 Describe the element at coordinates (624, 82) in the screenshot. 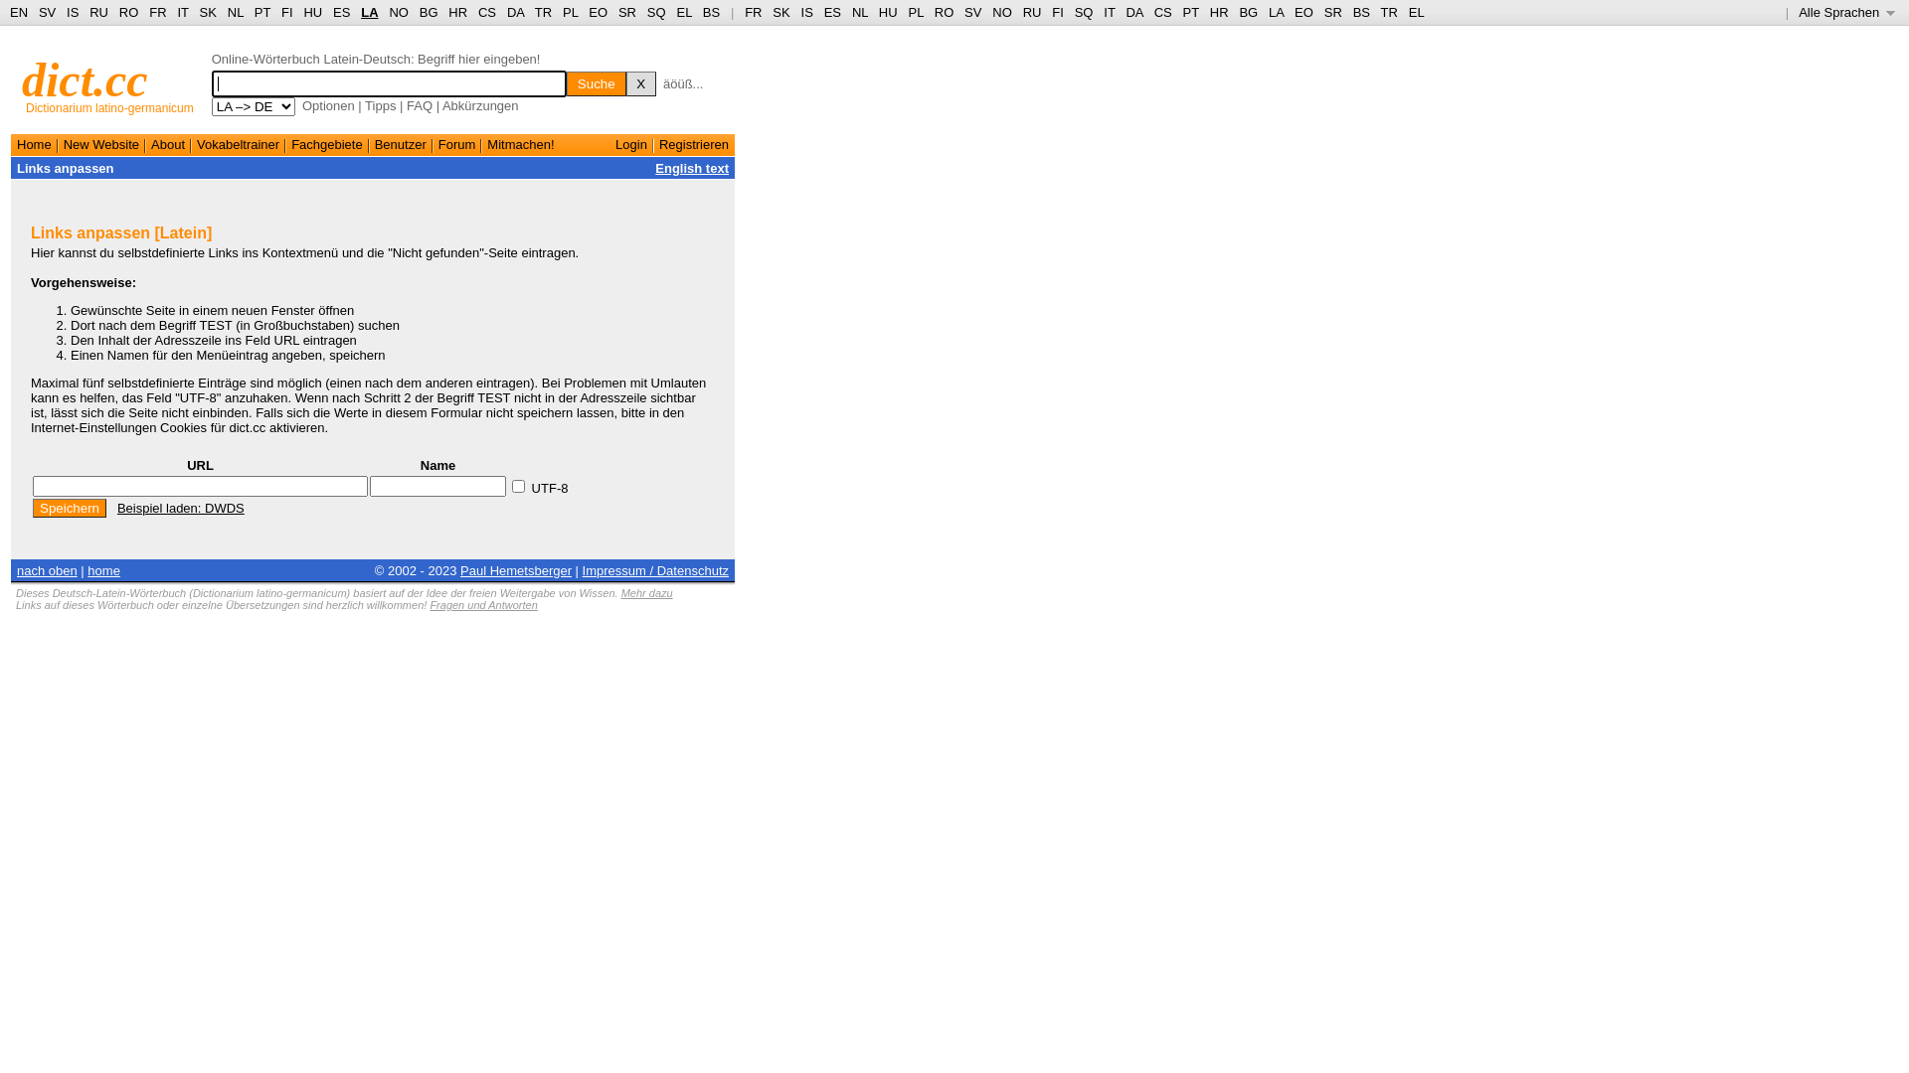

I see `'X'` at that location.